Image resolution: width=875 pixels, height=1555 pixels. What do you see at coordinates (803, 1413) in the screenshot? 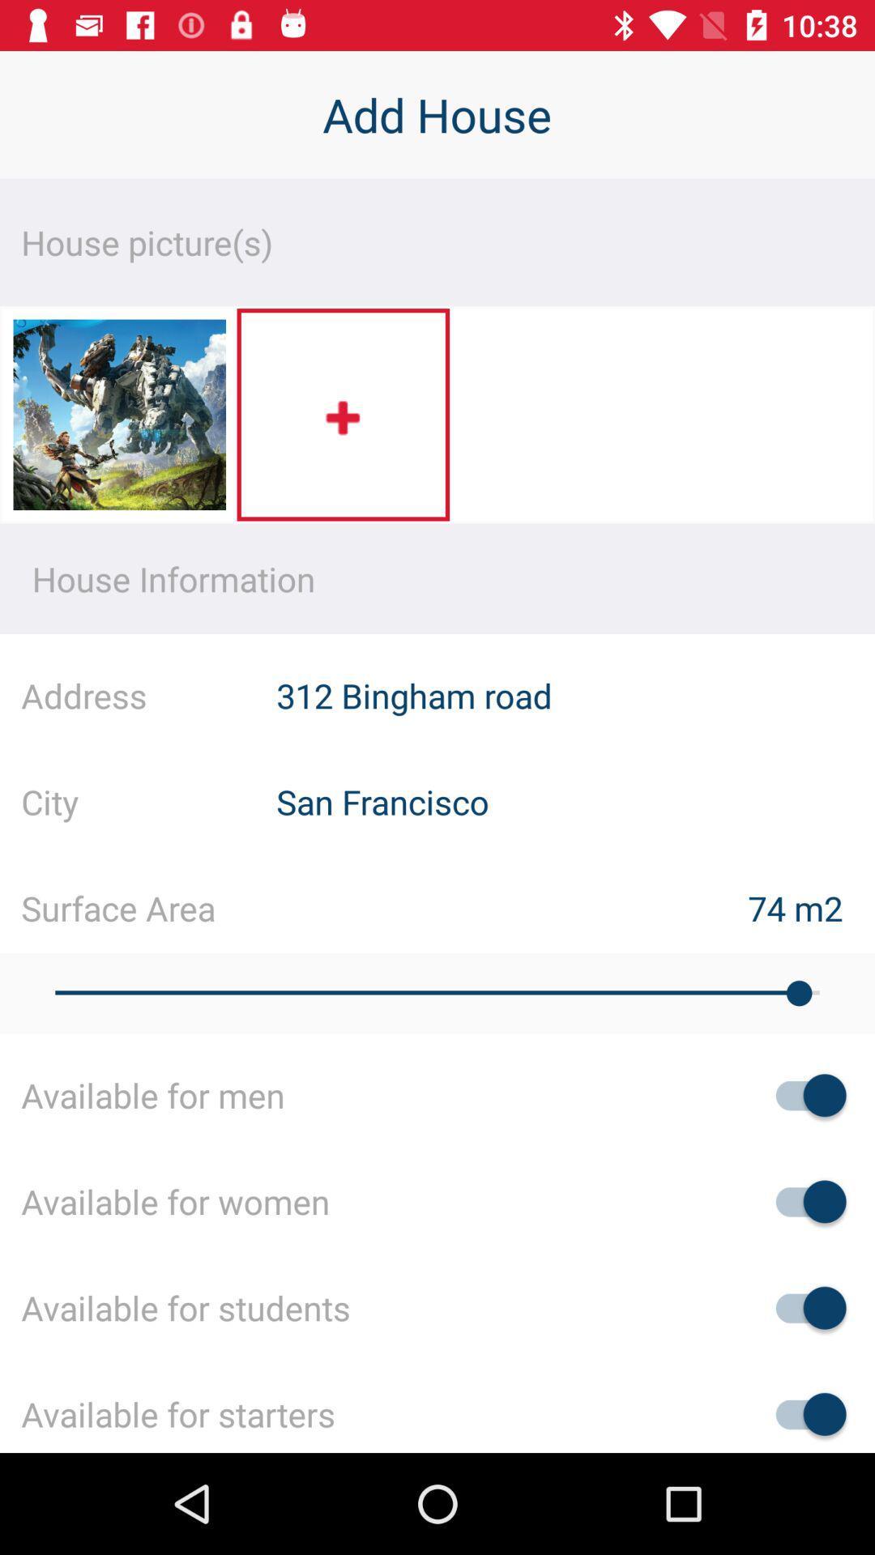
I see `for starters` at bounding box center [803, 1413].